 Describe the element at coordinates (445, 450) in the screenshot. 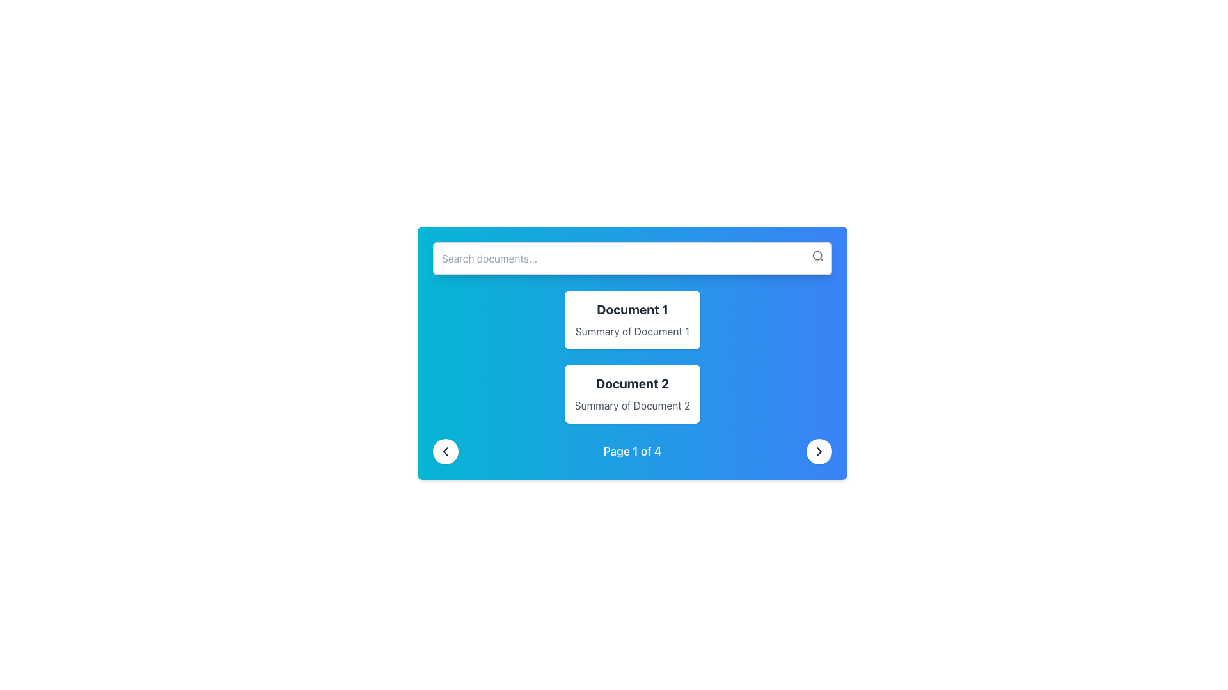

I see `the circular button icon located` at that location.